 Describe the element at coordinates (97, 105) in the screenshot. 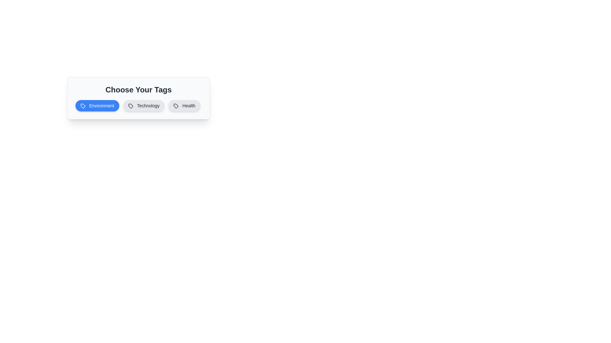

I see `the 'Environment' tag button to toggle its state` at that location.